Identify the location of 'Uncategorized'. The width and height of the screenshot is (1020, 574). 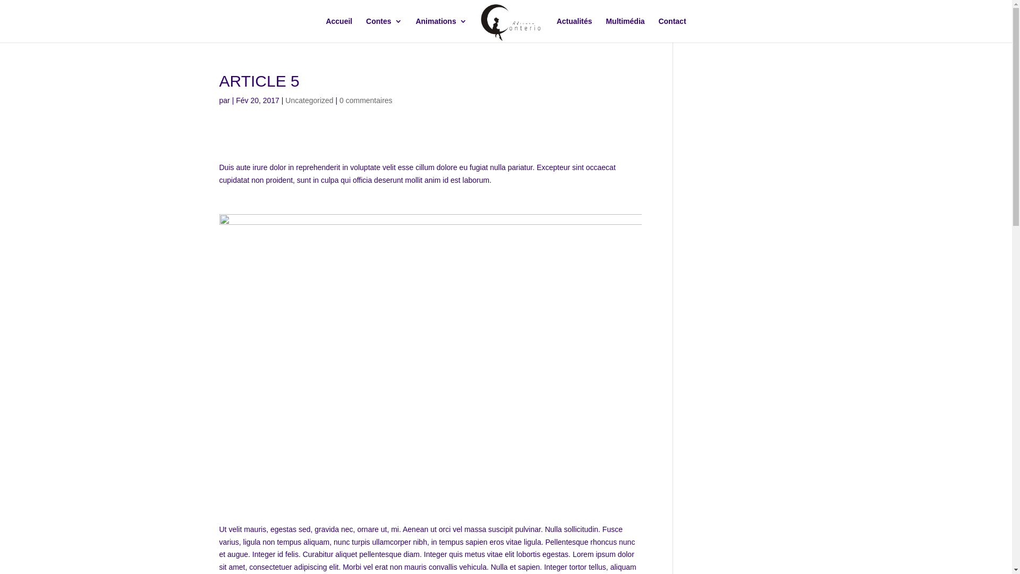
(308, 100).